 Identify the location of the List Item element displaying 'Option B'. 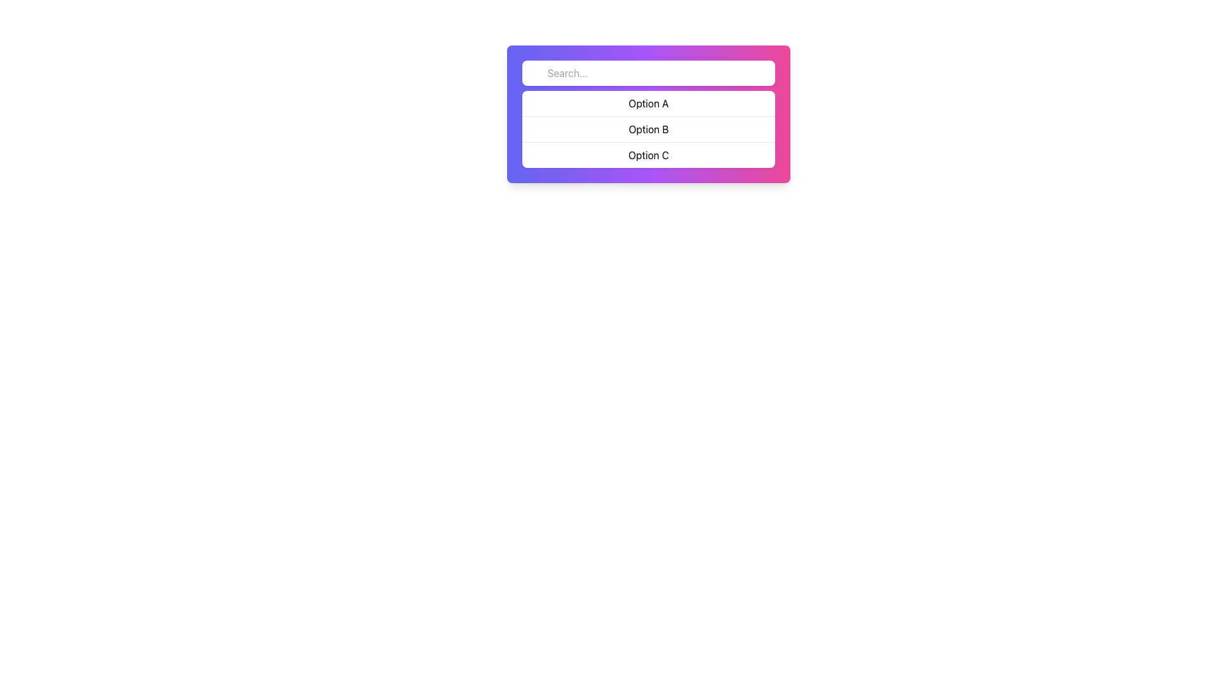
(649, 129).